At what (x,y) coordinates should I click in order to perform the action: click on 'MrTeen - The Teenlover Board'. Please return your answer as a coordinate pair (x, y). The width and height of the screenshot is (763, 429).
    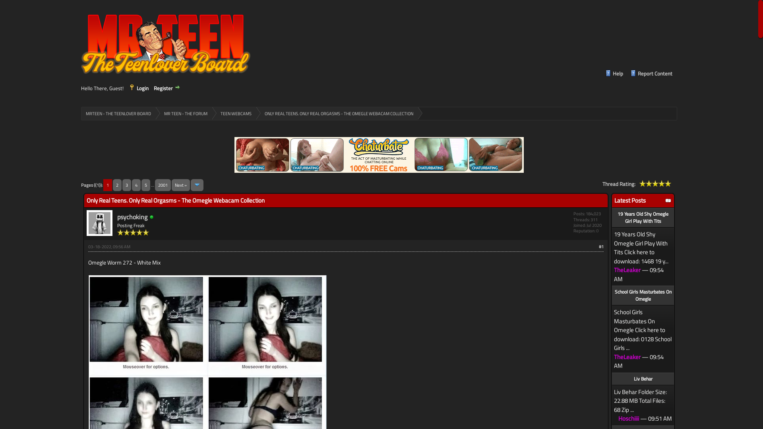
    Looking at the image, I should click on (168, 43).